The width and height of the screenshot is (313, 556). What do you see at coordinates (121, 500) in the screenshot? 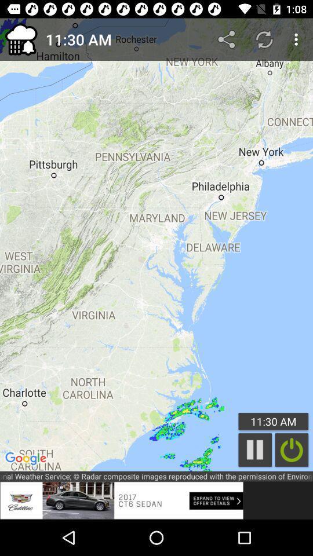
I see `advertisement` at bounding box center [121, 500].